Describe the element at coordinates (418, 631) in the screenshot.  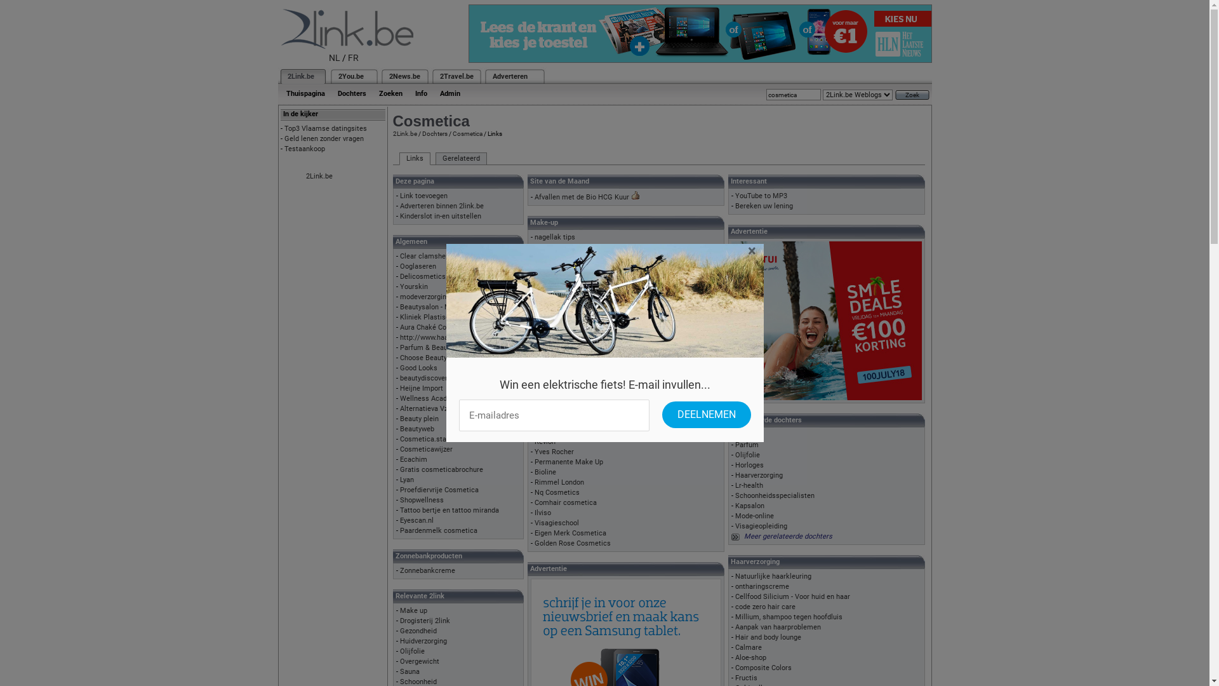
I see `'Gezondheid'` at that location.